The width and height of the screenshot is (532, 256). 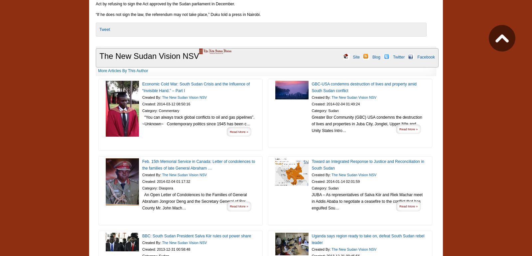 What do you see at coordinates (311, 104) in the screenshot?
I see `'Created: 2014-02-04 01:49:24'` at bounding box center [311, 104].